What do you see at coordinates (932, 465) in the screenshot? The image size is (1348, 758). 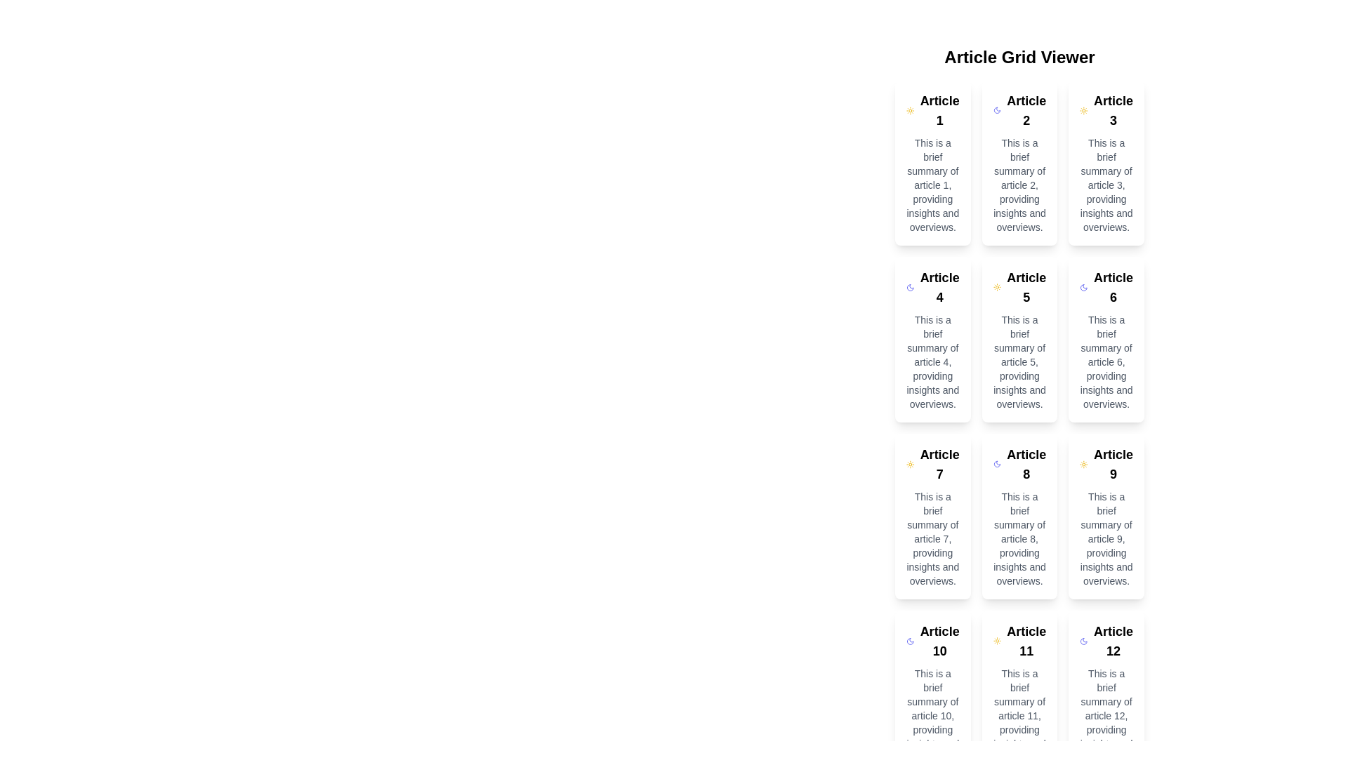 I see `text element that serves as the title or heading indicator for the card content titled 'Article 7', which is positioned at the top left of the card` at bounding box center [932, 465].